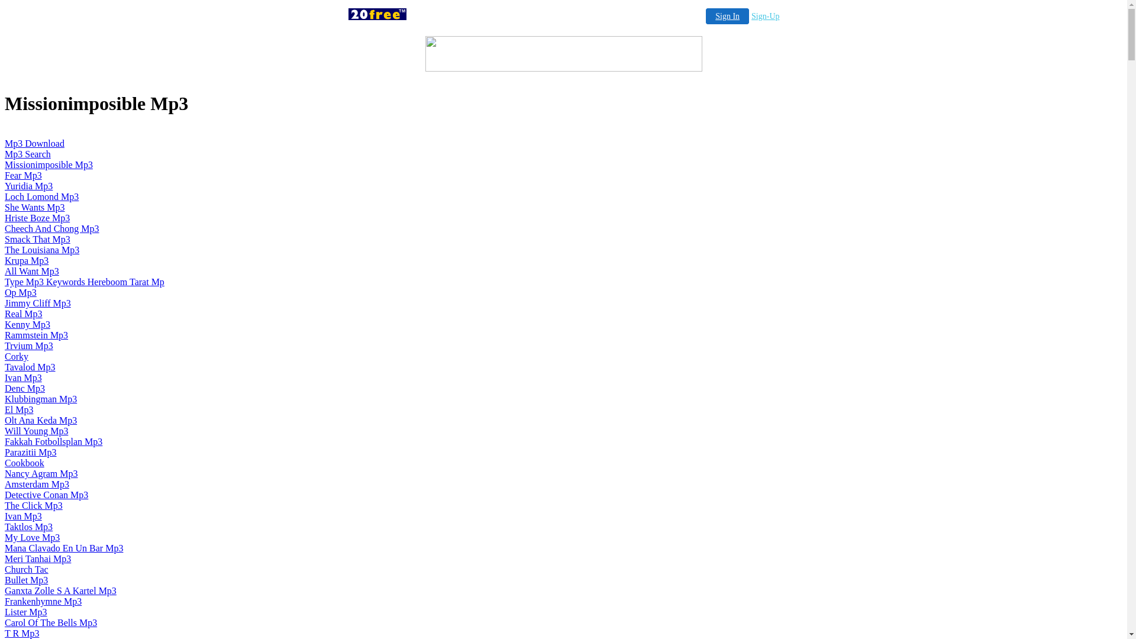 The image size is (1136, 639). I want to click on 'Fear Mp3', so click(23, 175).